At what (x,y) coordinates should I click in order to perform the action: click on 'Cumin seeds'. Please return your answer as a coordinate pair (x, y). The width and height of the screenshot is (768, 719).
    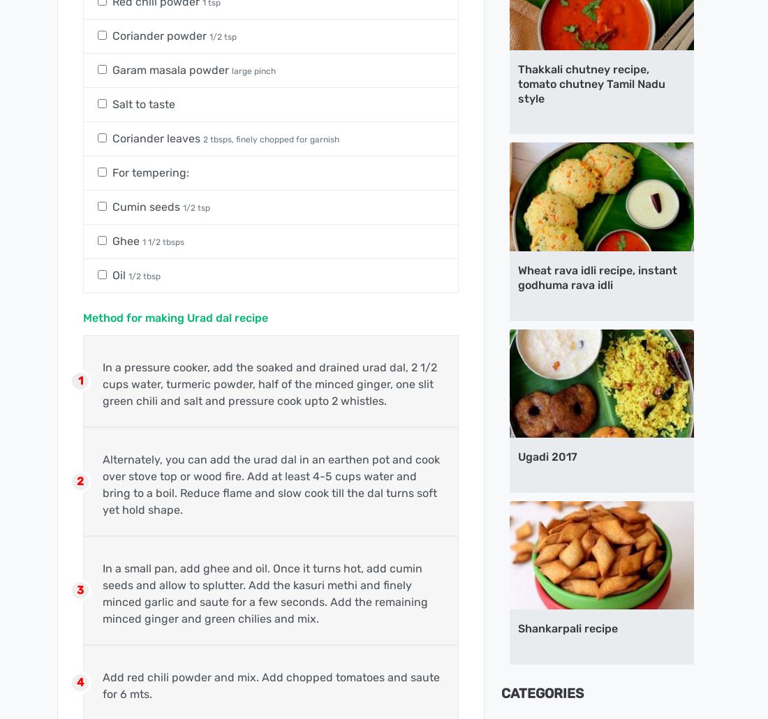
    Looking at the image, I should click on (147, 205).